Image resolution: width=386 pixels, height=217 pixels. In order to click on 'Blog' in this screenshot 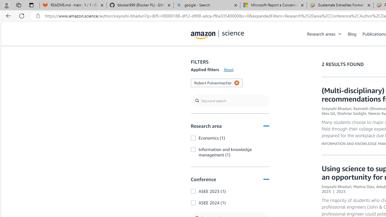, I will do `click(355, 33)`.